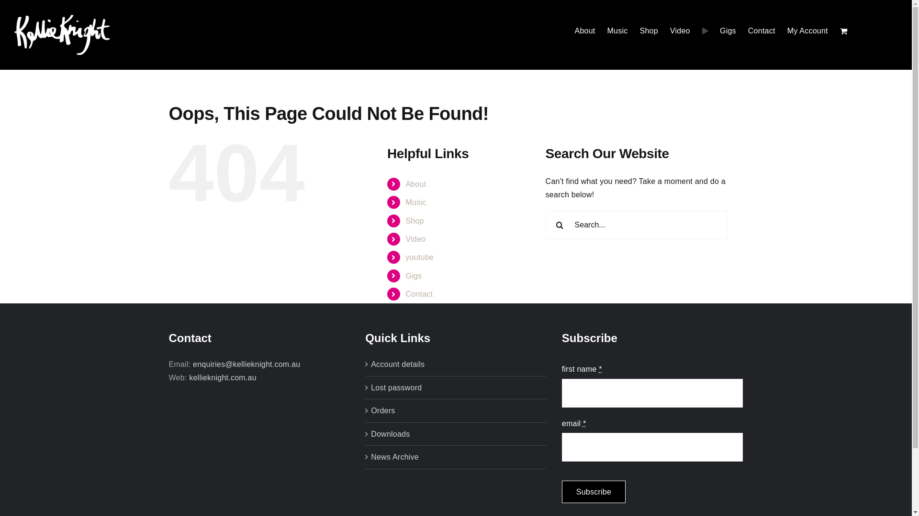 This screenshot has height=516, width=919. Describe the element at coordinates (192, 364) in the screenshot. I see `'enquiries@kellieknight.com.au'` at that location.